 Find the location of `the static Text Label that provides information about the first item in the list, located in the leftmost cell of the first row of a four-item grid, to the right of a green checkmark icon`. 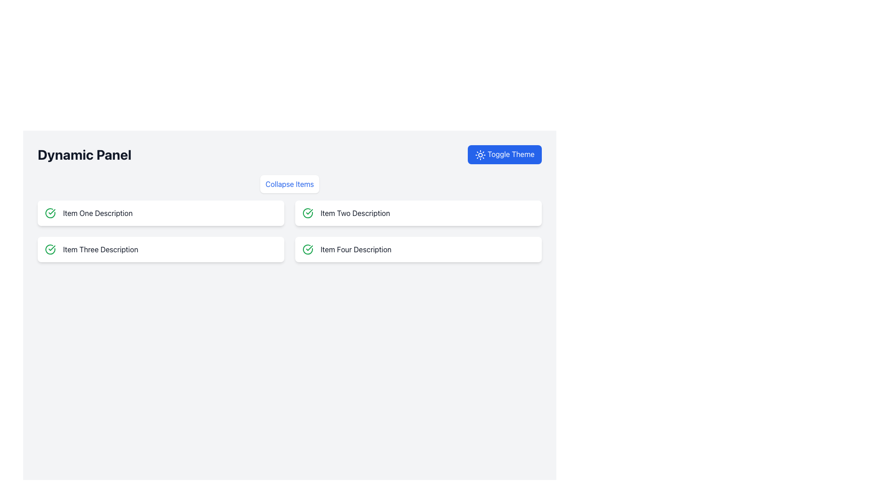

the static Text Label that provides information about the first item in the list, located in the leftmost cell of the first row of a four-item grid, to the right of a green checkmark icon is located at coordinates (98, 213).